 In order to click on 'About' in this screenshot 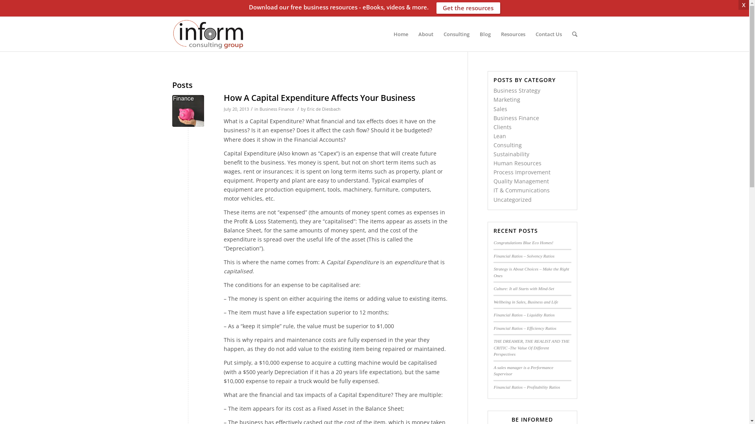, I will do `click(412, 34)`.